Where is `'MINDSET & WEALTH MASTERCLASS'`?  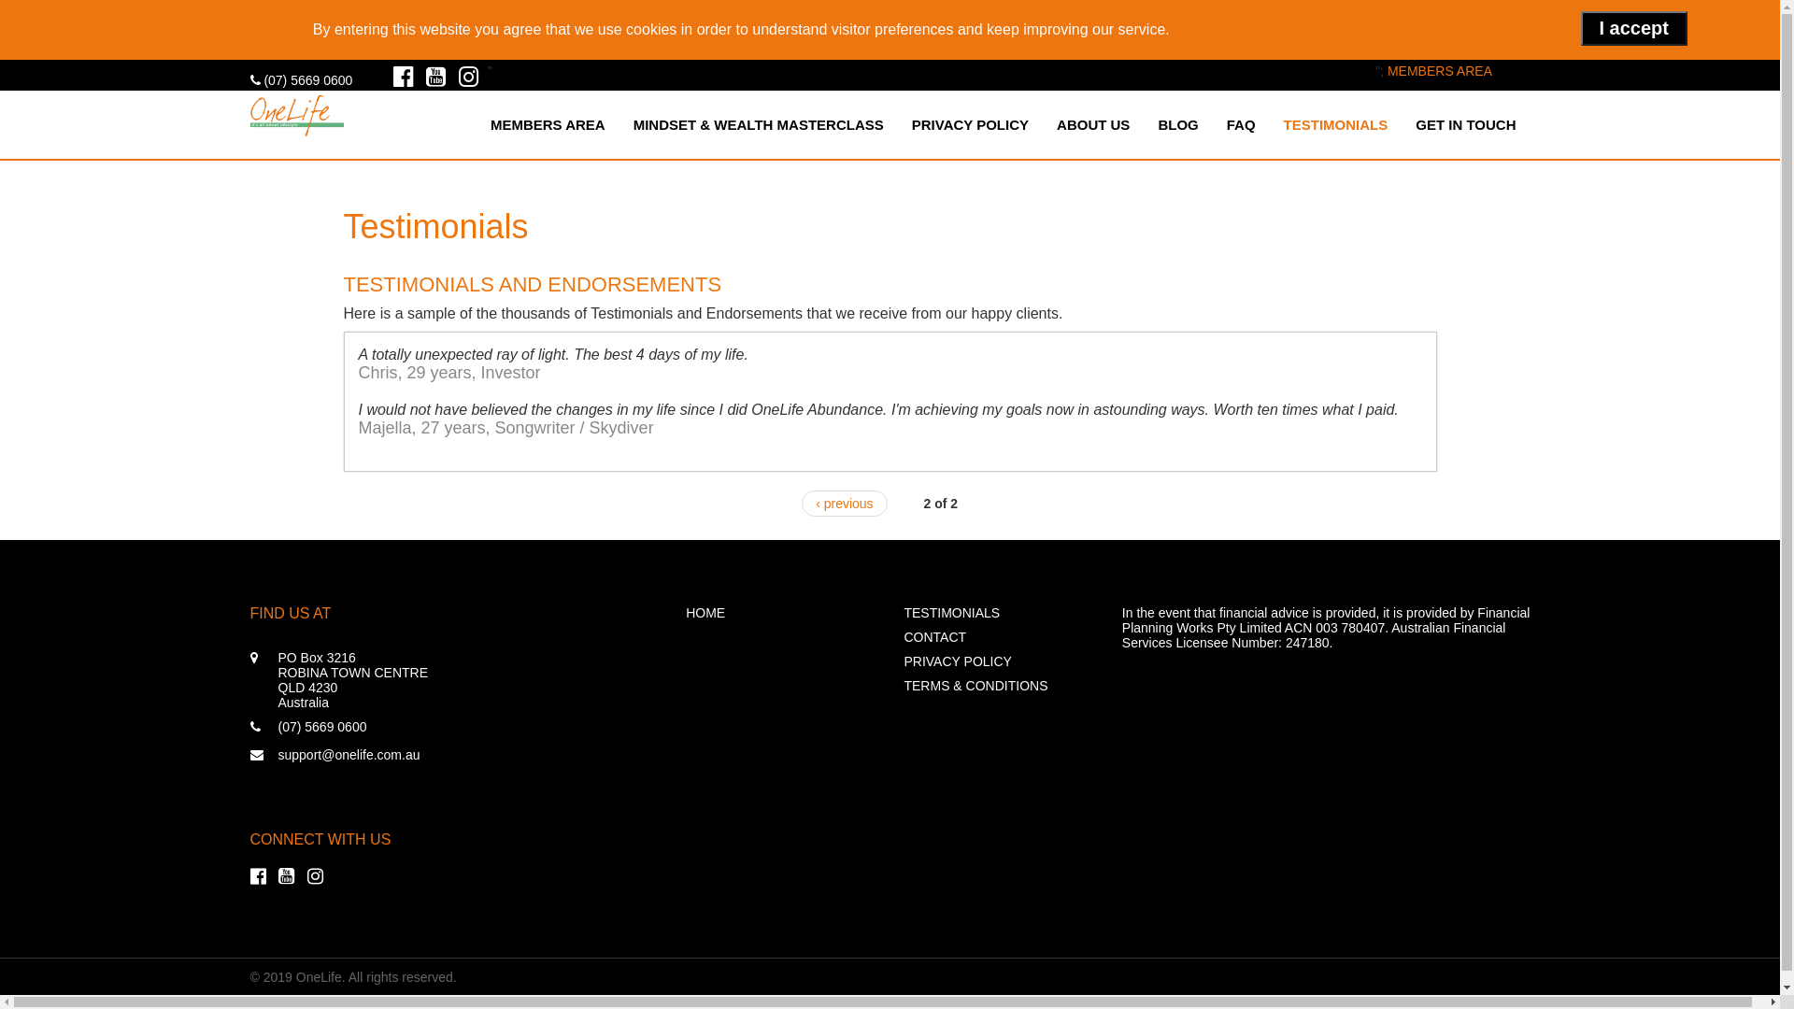
'MINDSET & WEALTH MASTERCLASS' is located at coordinates (758, 124).